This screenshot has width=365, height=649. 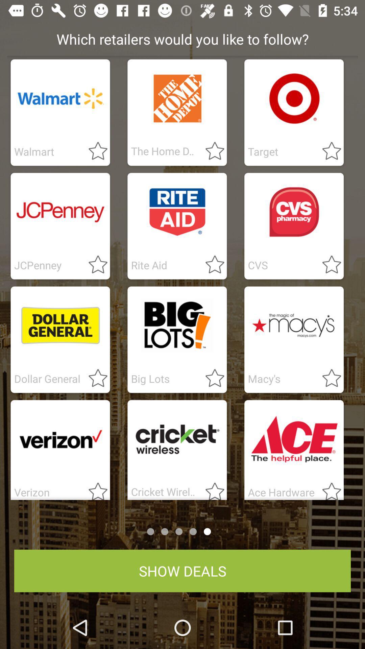 What do you see at coordinates (327, 265) in the screenshot?
I see `saves element to favorites` at bounding box center [327, 265].